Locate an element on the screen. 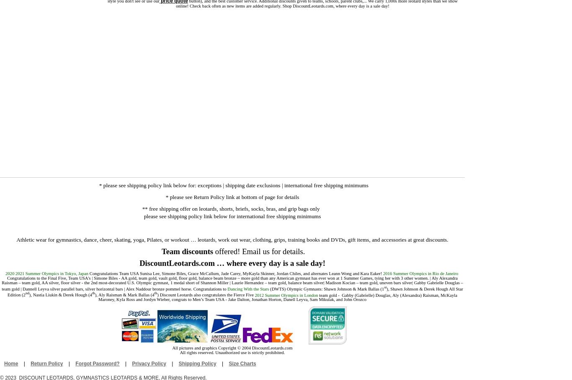 The width and height of the screenshot is (572, 380). '* please see Return Policy link at bottom of page for details' is located at coordinates (232, 197).